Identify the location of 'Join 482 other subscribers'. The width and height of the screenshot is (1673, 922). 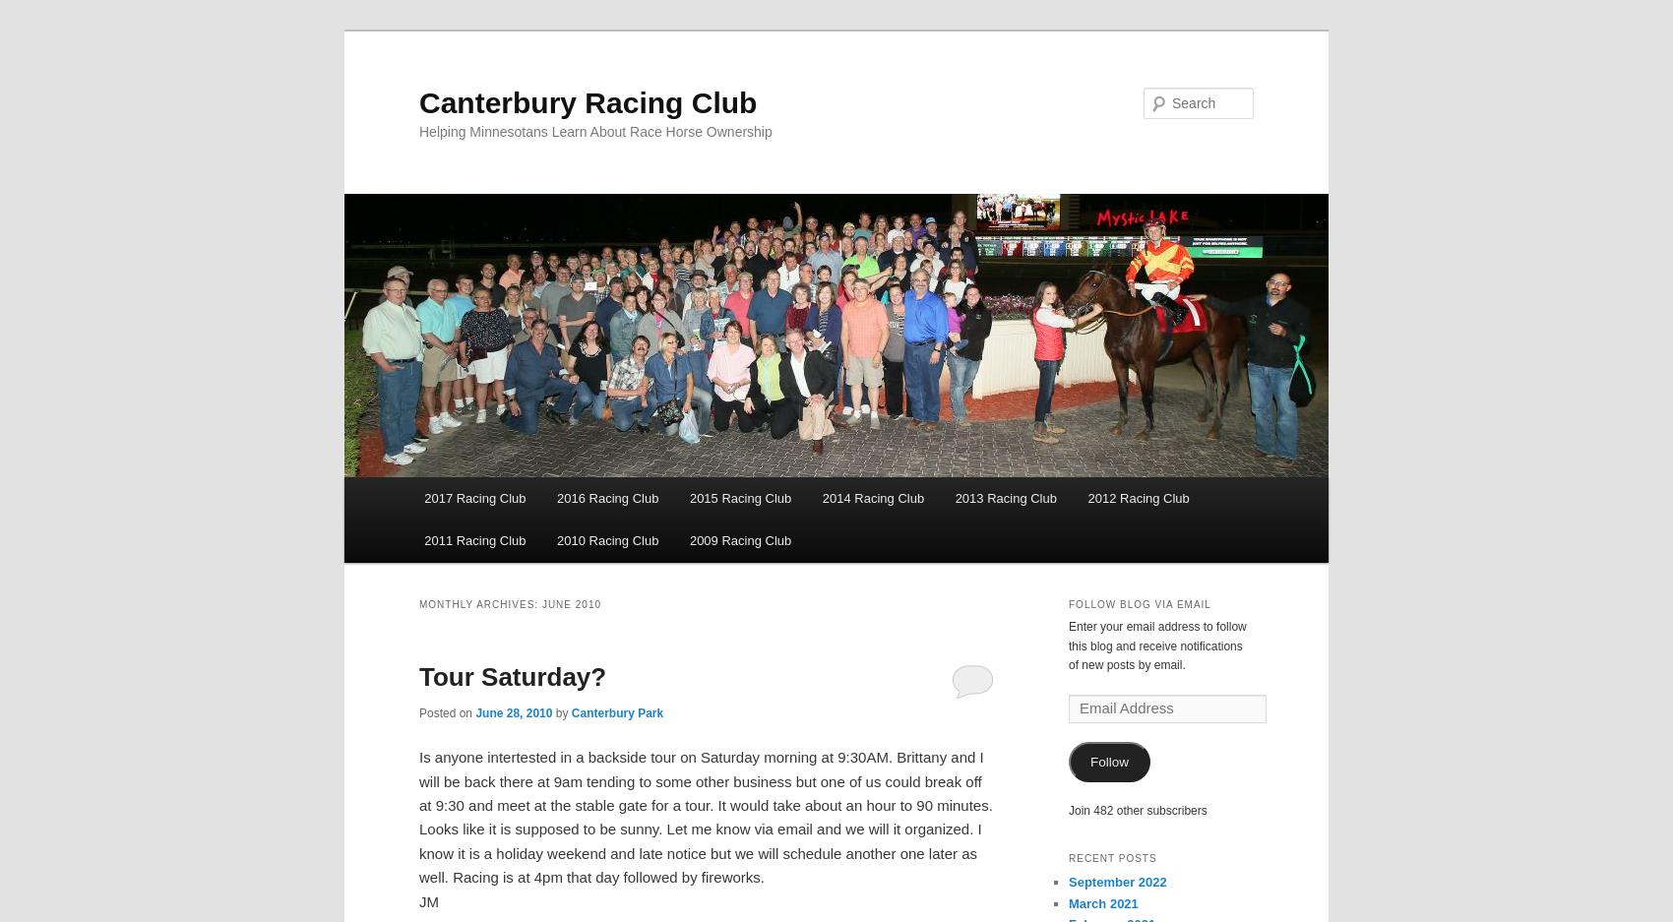
(1138, 808).